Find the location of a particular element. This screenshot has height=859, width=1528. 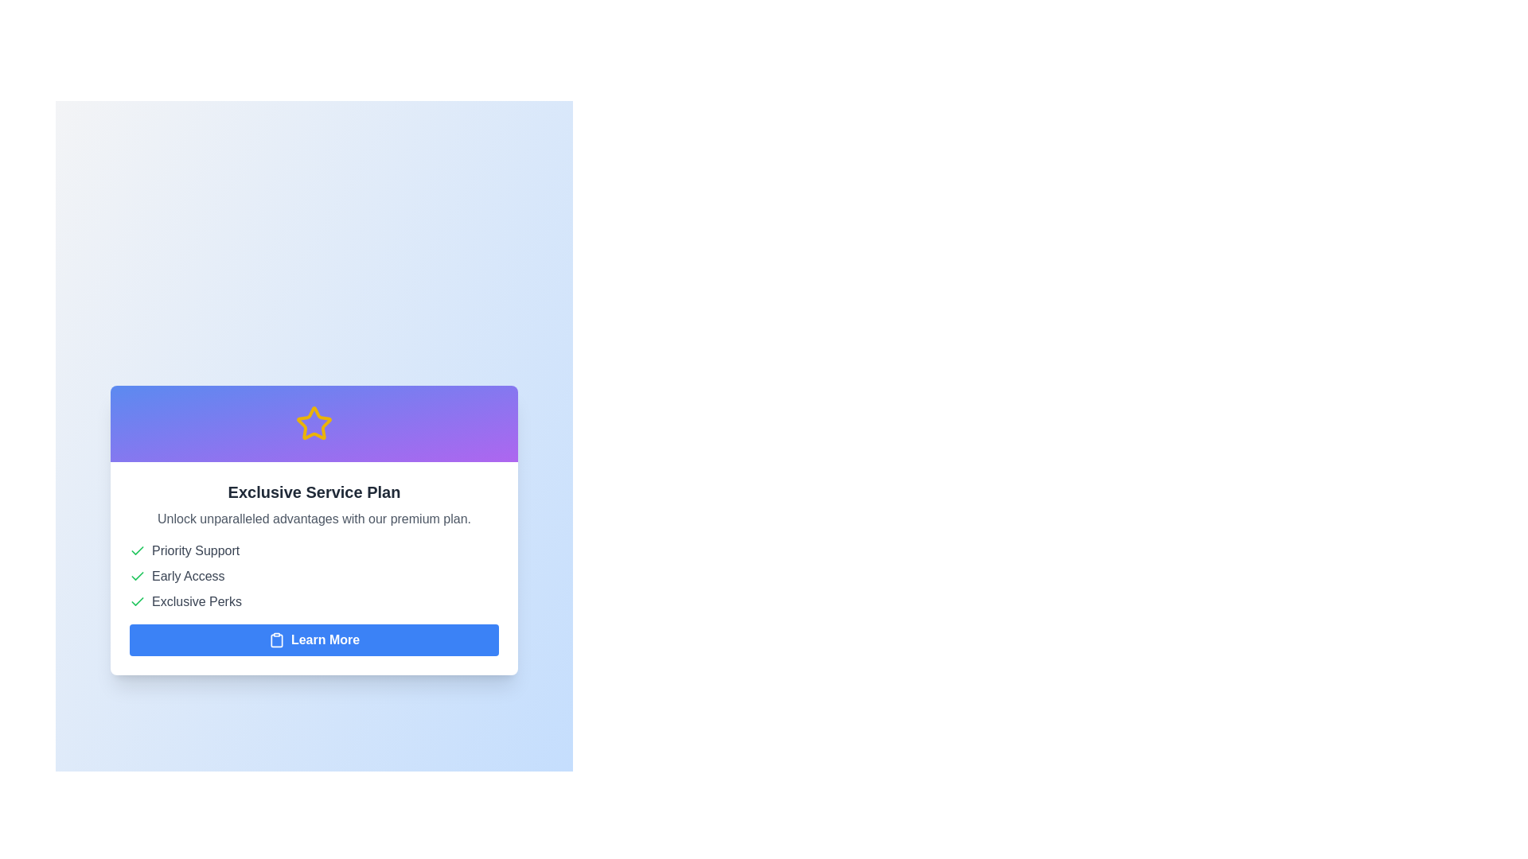

the approval icon located to the left of the 'Exclusive Perks' text, which indicates a positive status or confirmation is located at coordinates (137, 601).